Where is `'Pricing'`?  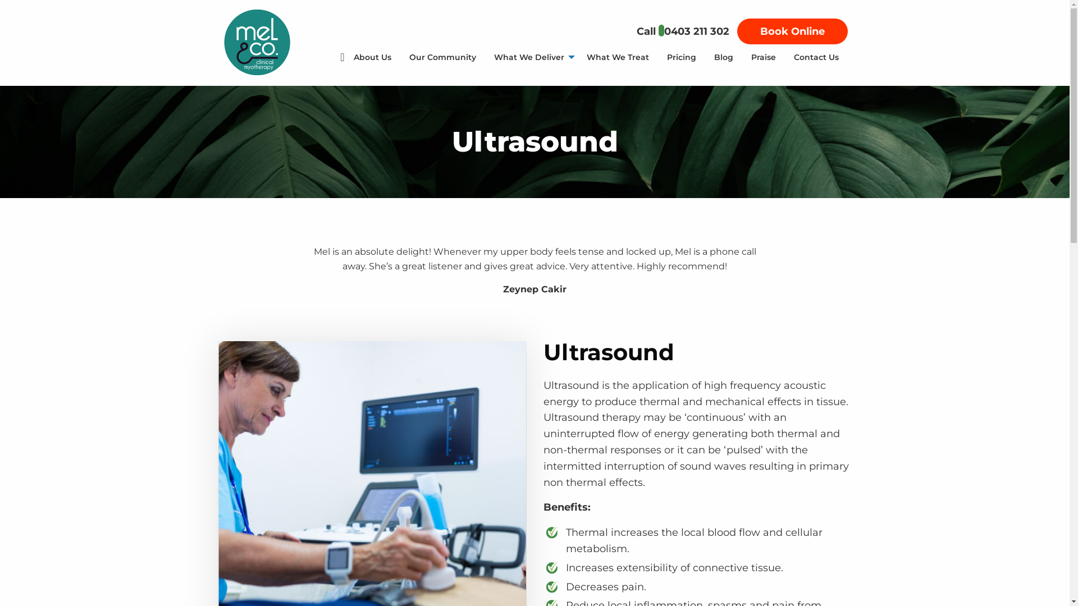
'Pricing' is located at coordinates (681, 57).